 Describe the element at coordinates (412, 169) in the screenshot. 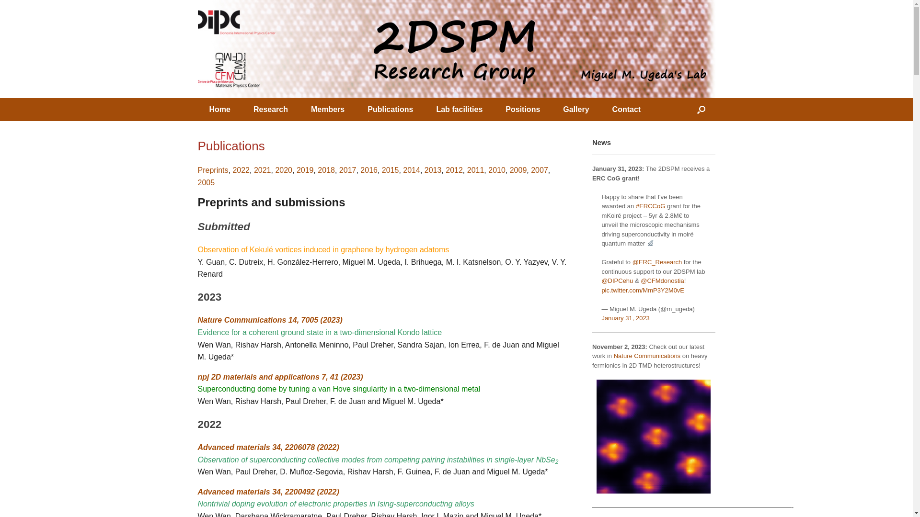

I see `'2014'` at that location.